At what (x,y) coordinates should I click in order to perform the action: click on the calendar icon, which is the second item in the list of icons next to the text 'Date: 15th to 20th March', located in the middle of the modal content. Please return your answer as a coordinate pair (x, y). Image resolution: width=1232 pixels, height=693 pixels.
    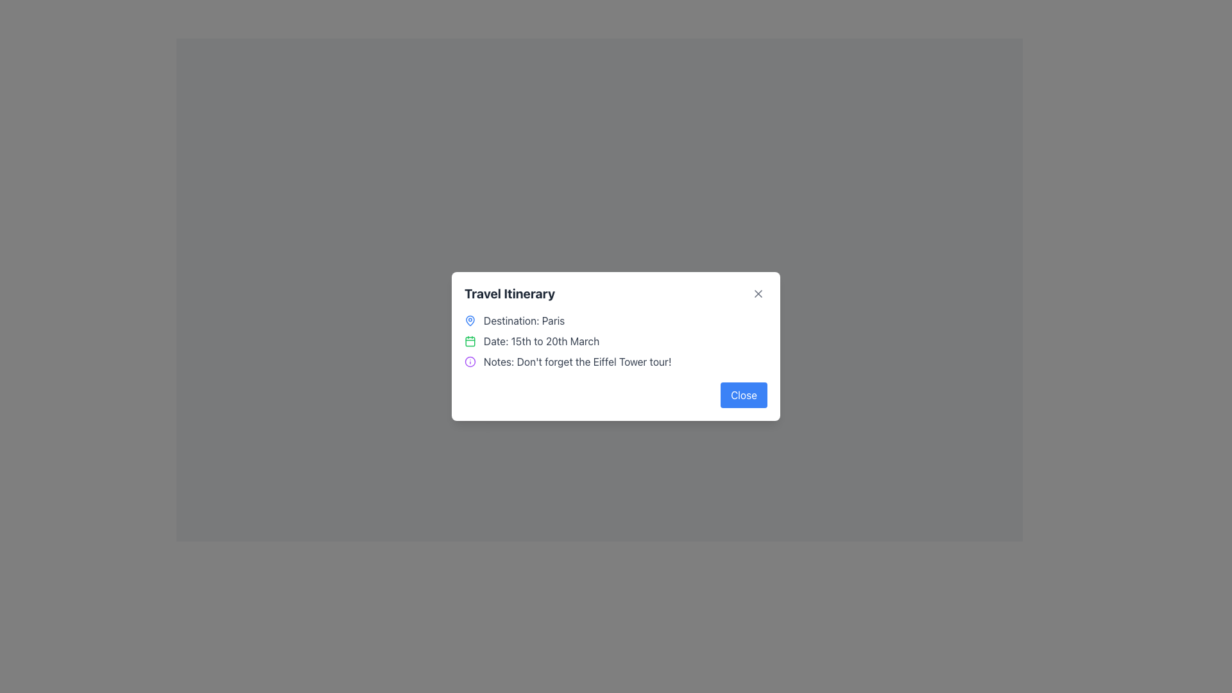
    Looking at the image, I should click on (470, 341).